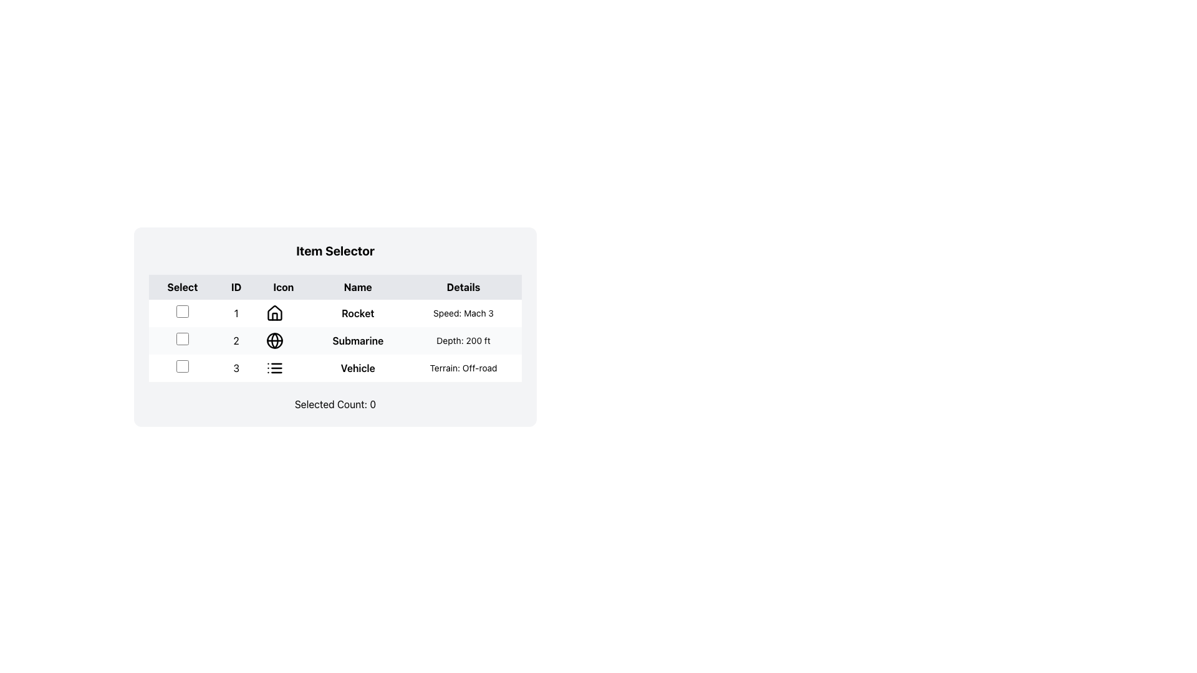  What do you see at coordinates (357, 287) in the screenshot?
I see `the 'Name' header text label in the table, which is the fourth header following 'Select', 'ID', and 'Icon'` at bounding box center [357, 287].